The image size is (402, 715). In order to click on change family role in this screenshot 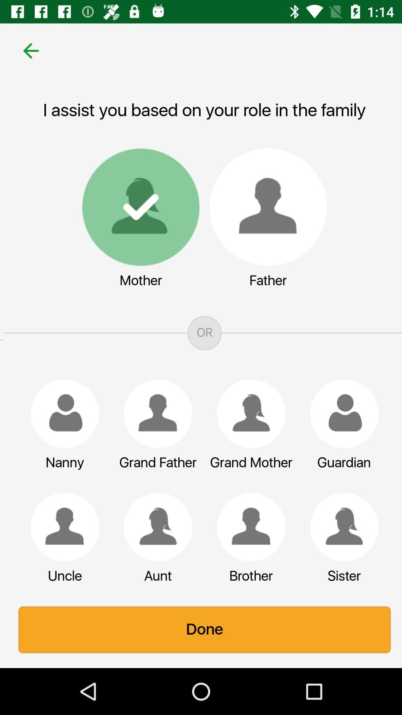, I will do `click(154, 527)`.